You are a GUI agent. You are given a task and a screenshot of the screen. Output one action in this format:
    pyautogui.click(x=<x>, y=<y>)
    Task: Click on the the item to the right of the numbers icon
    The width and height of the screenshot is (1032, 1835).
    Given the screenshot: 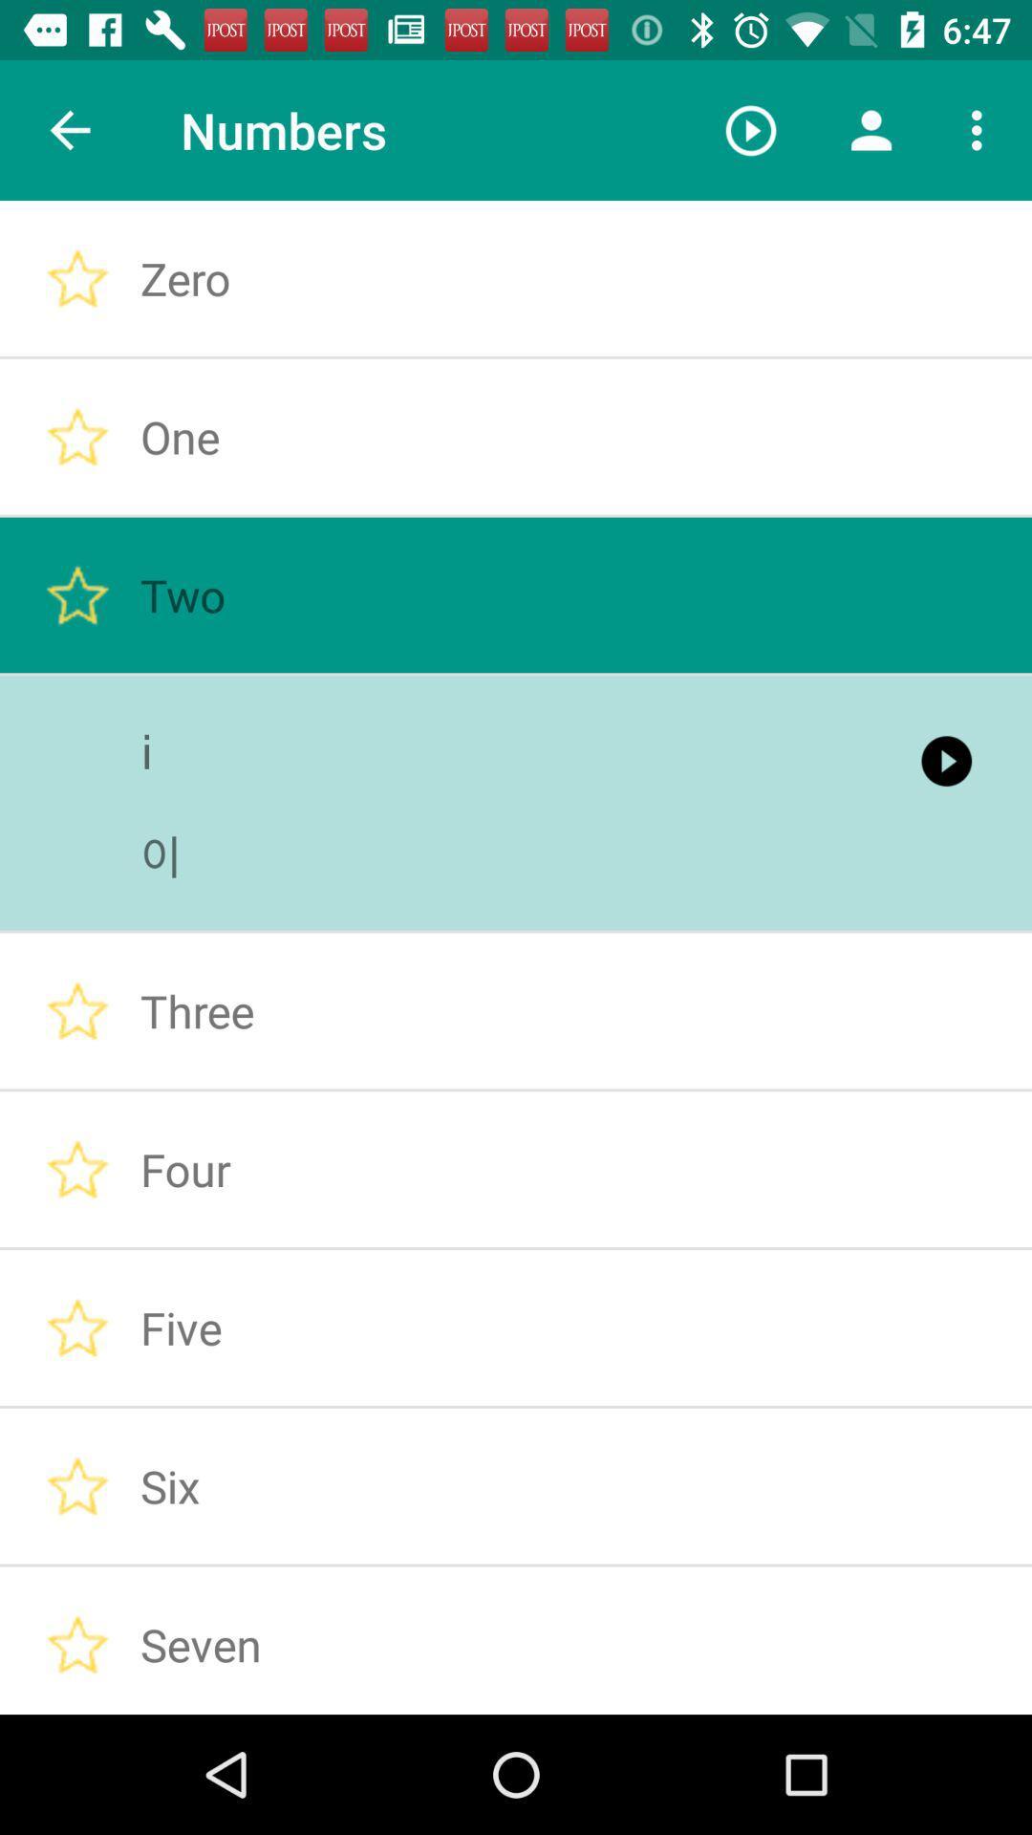 What is the action you would take?
    pyautogui.click(x=750, y=129)
    